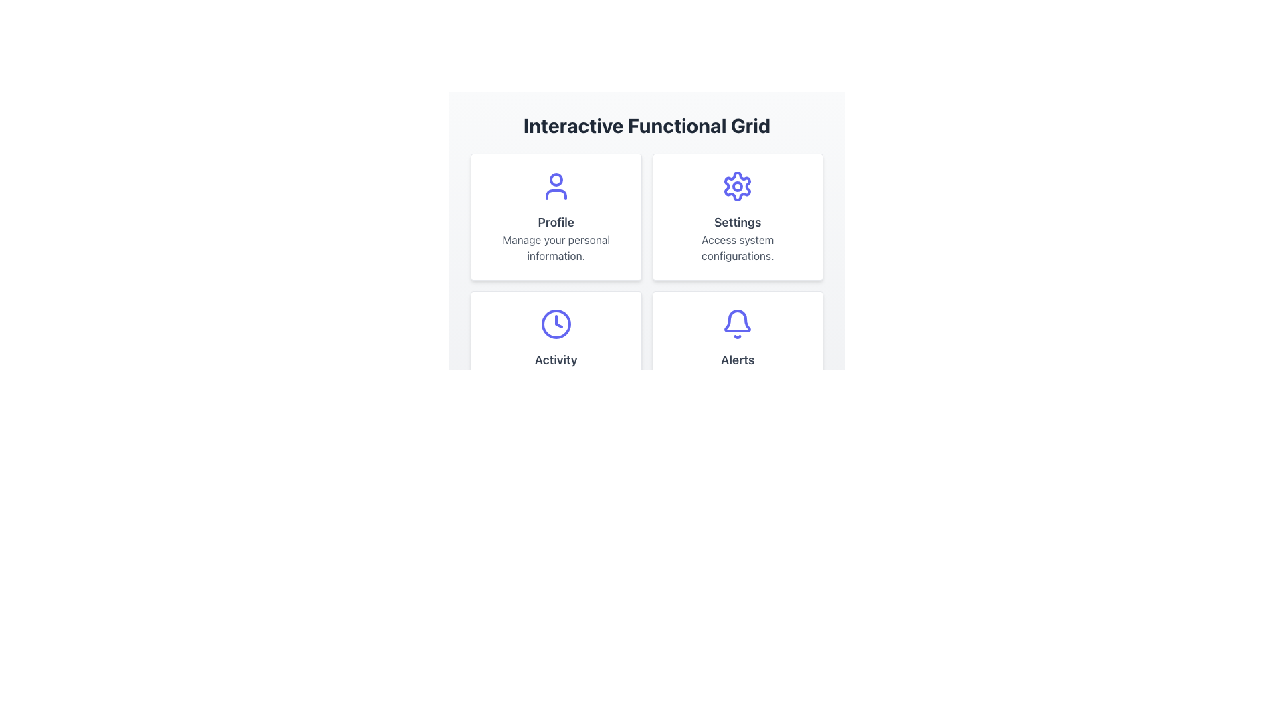 The width and height of the screenshot is (1284, 722). Describe the element at coordinates (737, 216) in the screenshot. I see `the interactive clickable card located in the second column of the first row in the grid, which serves as a link` at that location.